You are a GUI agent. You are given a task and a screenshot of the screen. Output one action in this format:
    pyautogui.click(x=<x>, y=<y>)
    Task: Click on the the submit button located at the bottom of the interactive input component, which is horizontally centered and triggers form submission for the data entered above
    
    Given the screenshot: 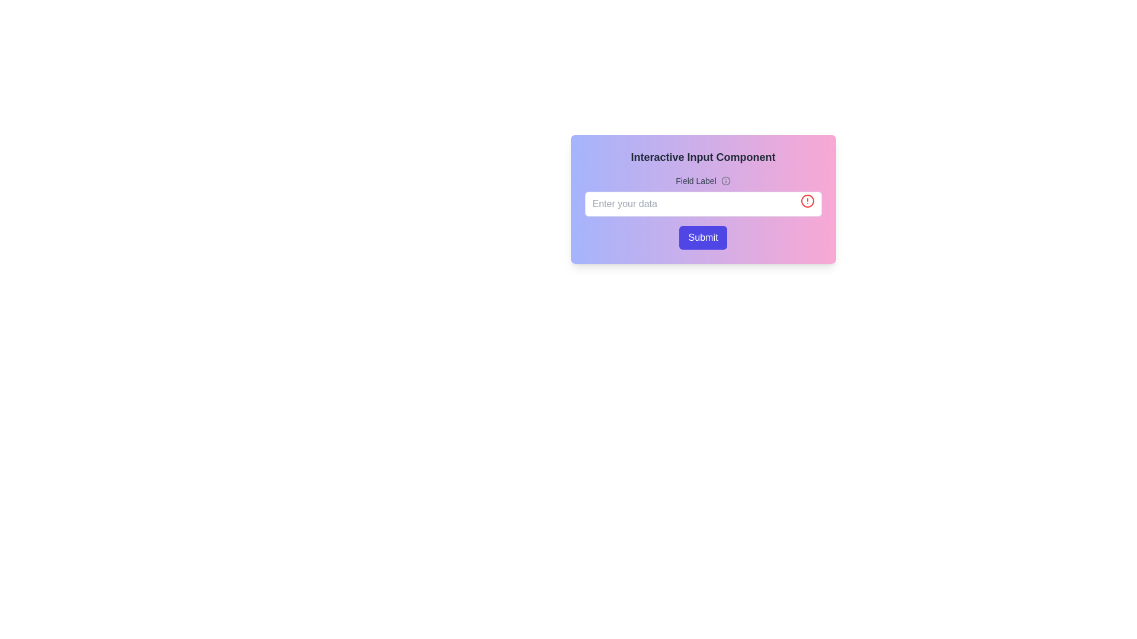 What is the action you would take?
    pyautogui.click(x=703, y=237)
    